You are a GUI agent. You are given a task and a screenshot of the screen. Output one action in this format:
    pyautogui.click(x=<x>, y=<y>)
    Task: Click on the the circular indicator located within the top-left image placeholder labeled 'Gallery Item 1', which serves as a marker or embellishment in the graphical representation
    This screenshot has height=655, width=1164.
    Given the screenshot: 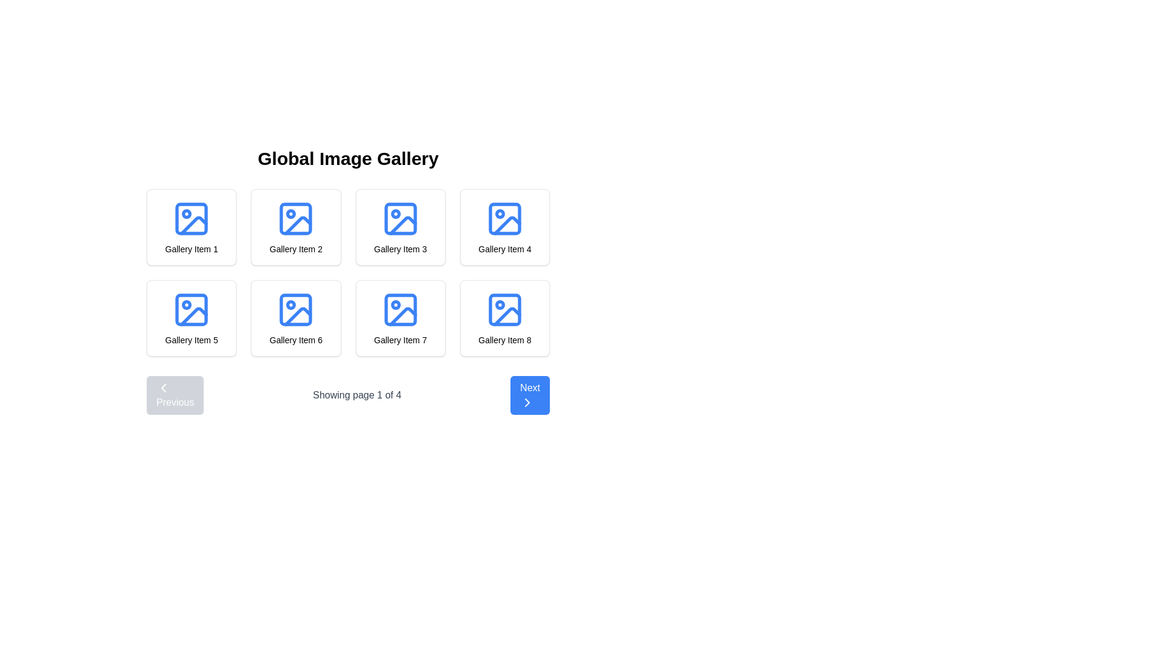 What is the action you would take?
    pyautogui.click(x=186, y=213)
    